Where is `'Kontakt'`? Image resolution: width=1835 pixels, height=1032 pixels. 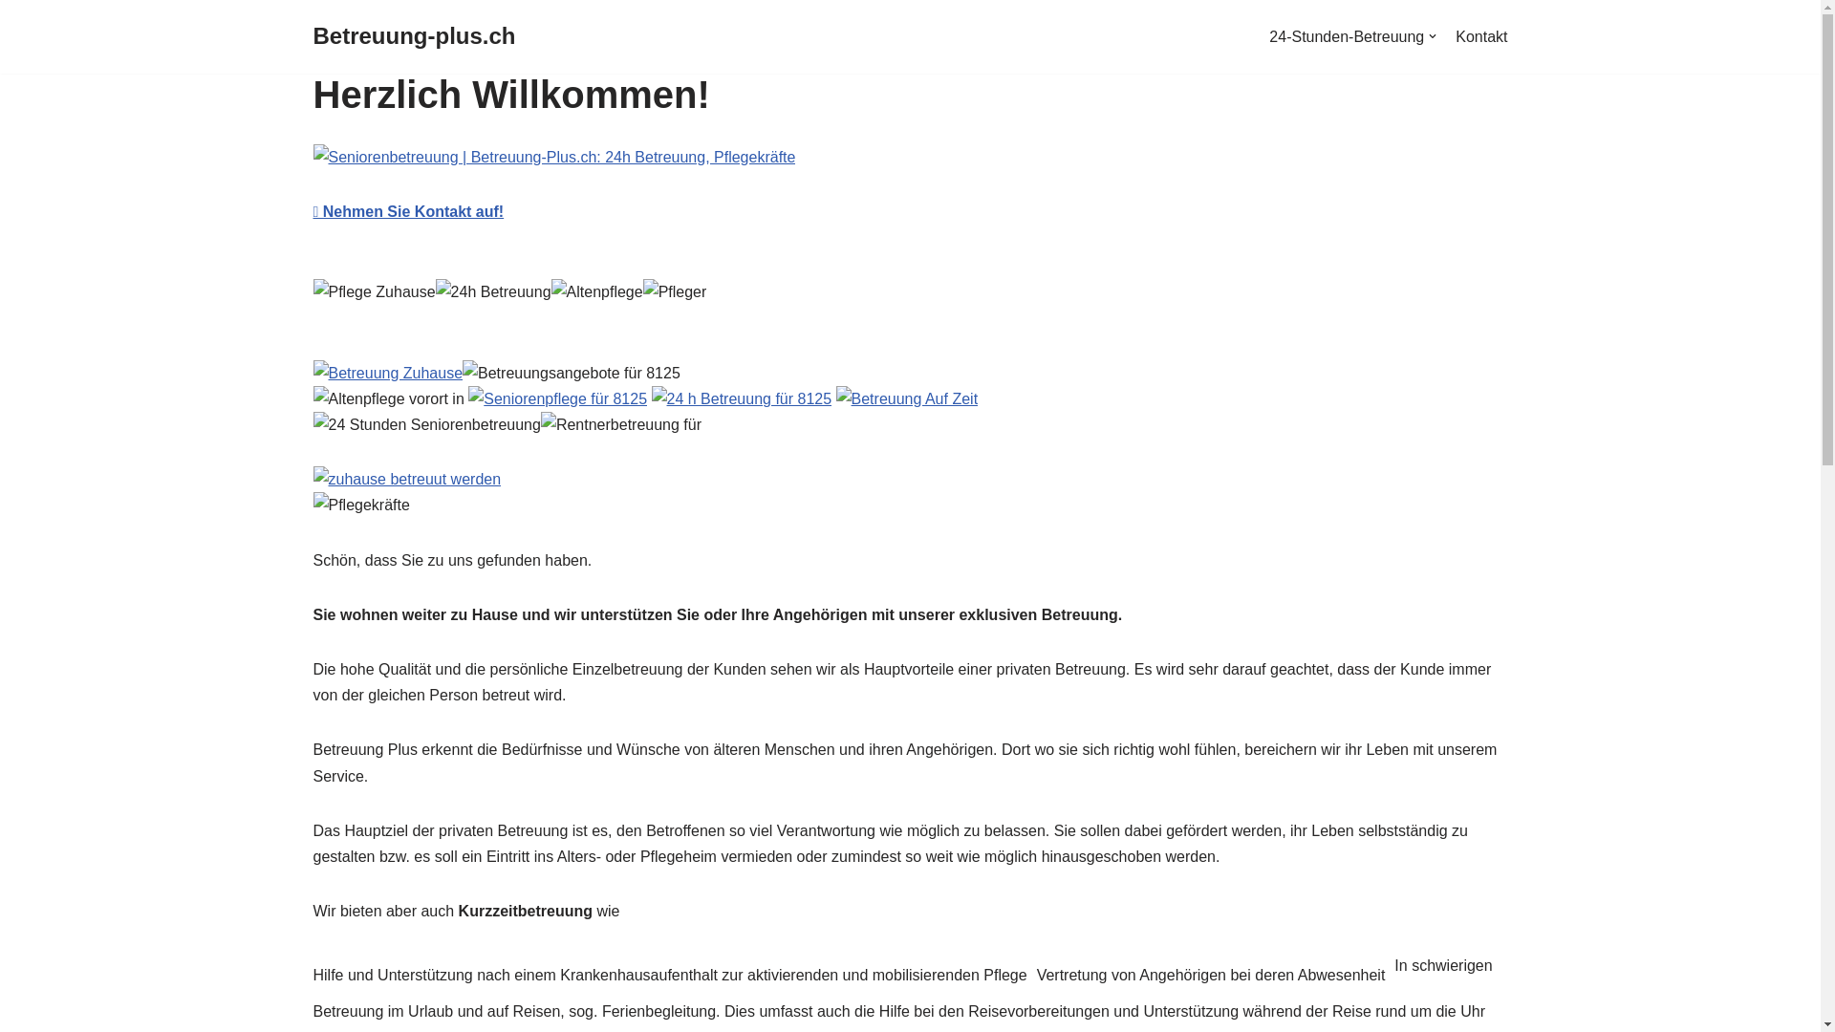
'Kontakt' is located at coordinates (1480, 36).